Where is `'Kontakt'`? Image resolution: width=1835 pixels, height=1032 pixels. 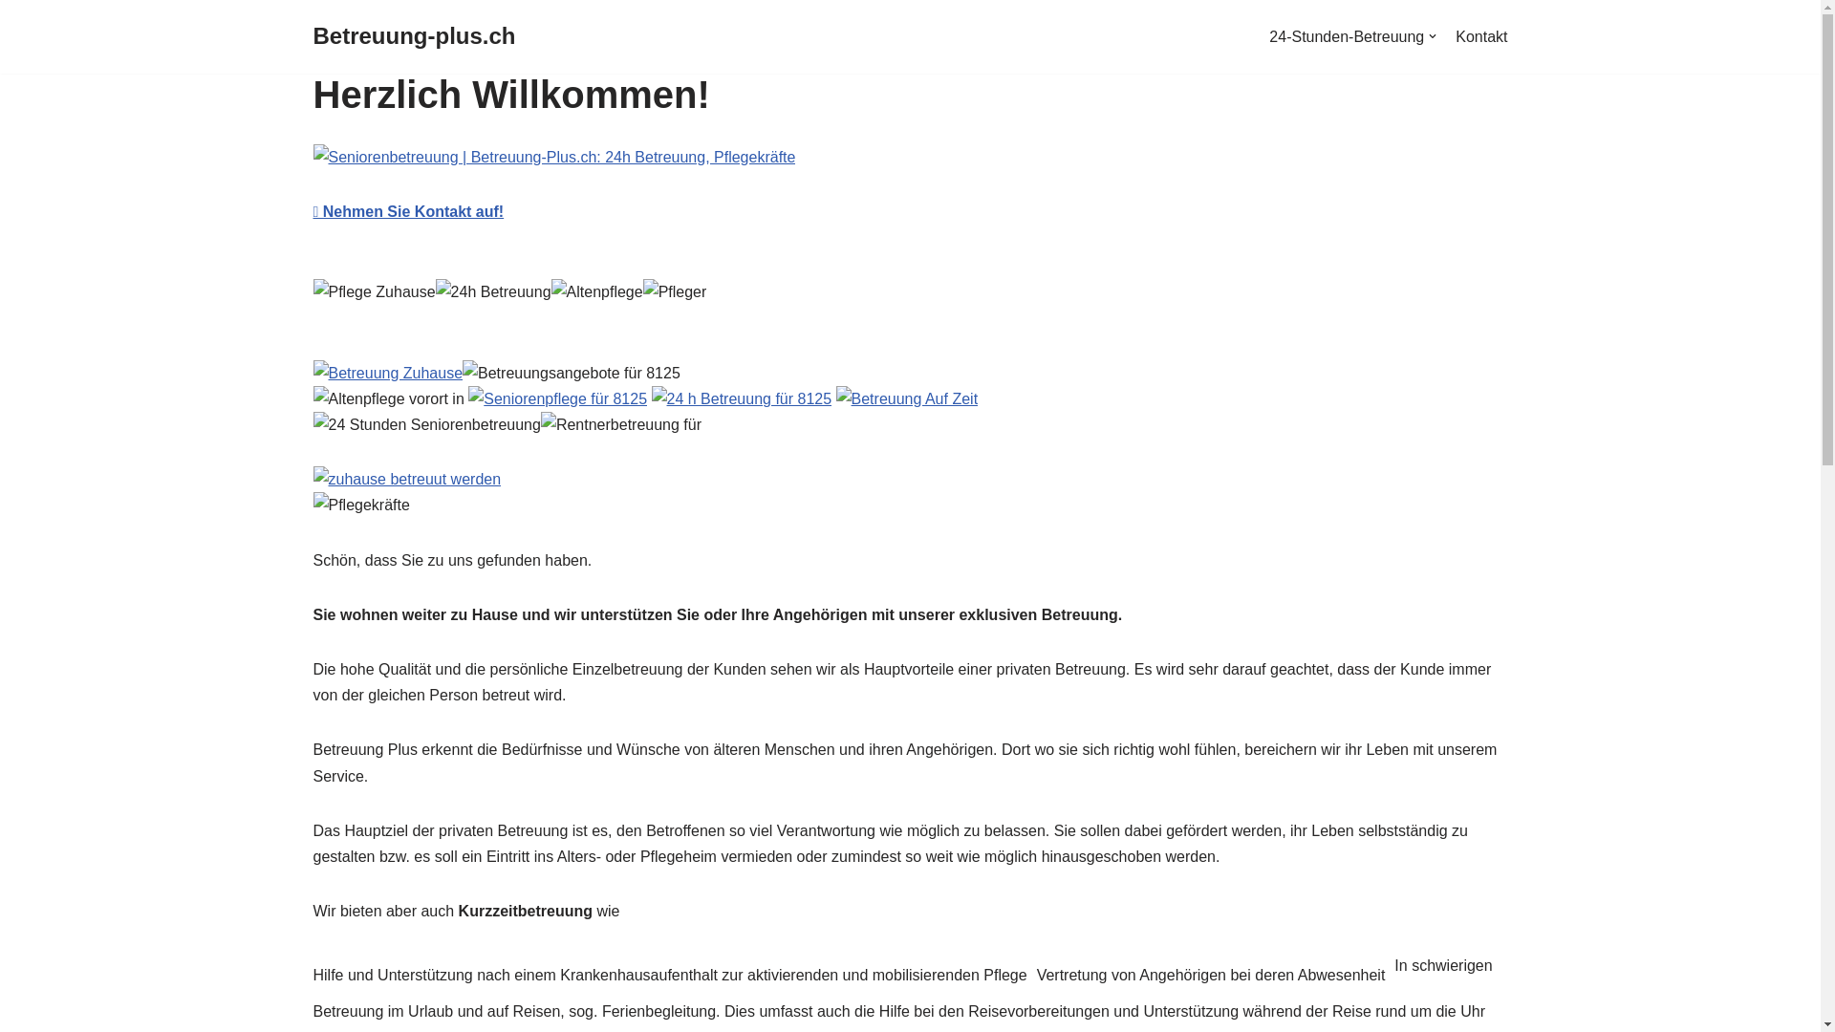
'Kontakt' is located at coordinates (1480, 36).